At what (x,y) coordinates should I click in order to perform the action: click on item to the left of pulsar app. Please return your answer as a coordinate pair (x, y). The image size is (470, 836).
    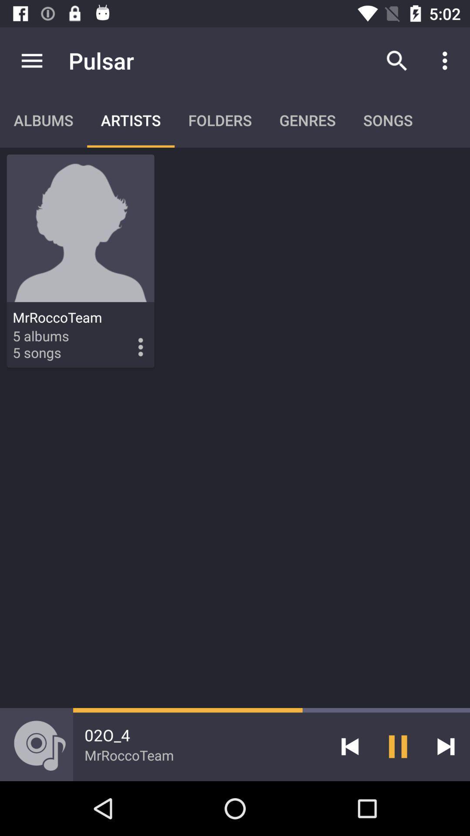
    Looking at the image, I should click on (31, 60).